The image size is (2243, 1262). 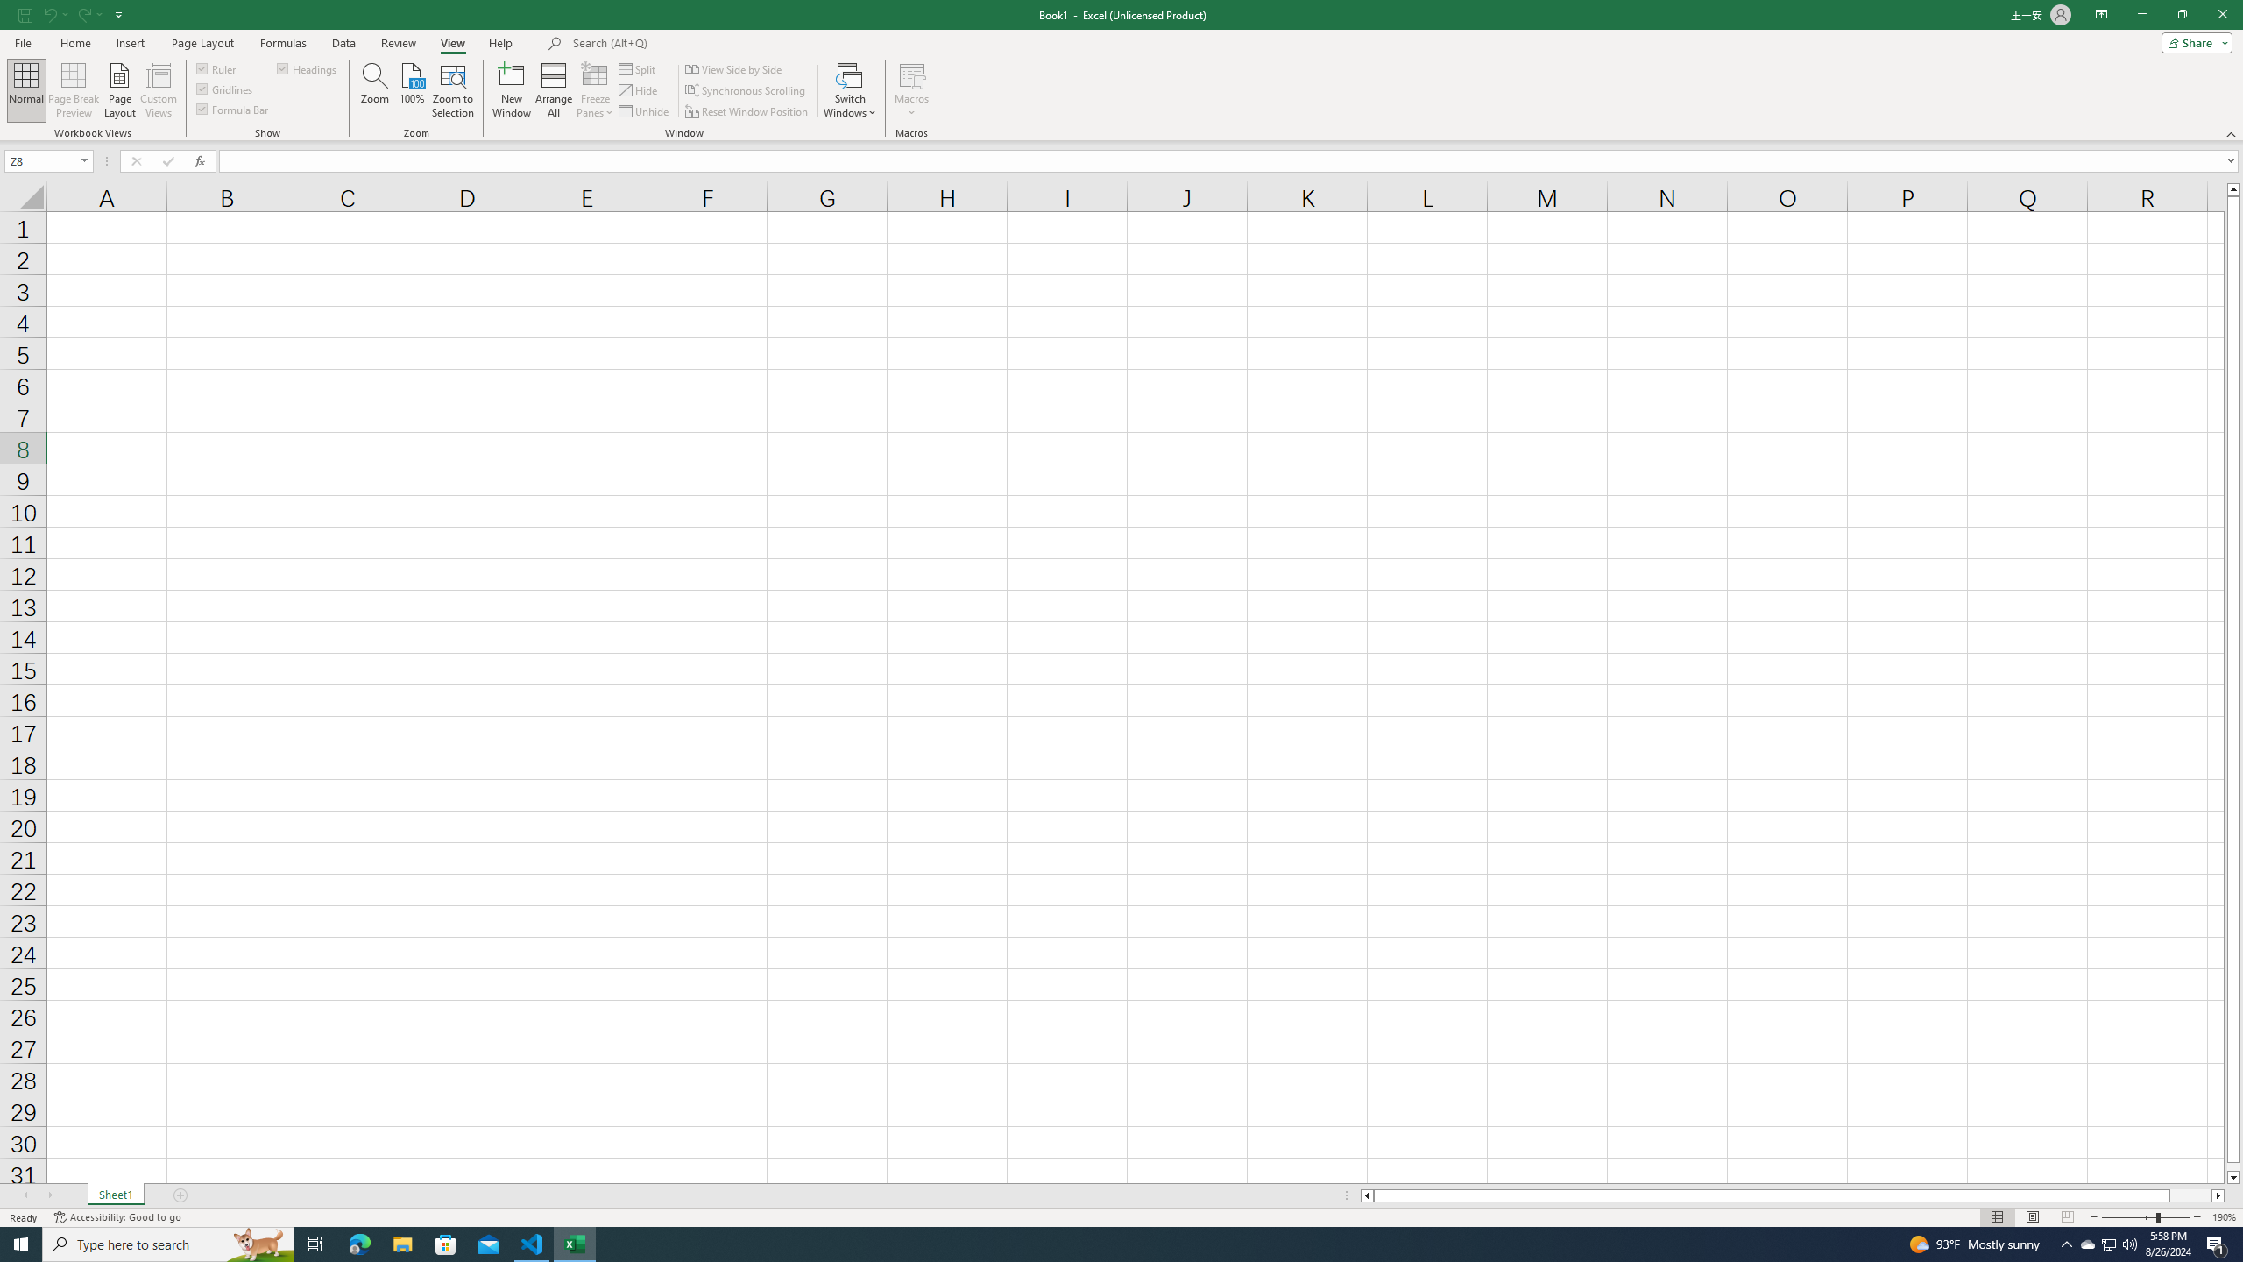 What do you see at coordinates (410, 90) in the screenshot?
I see `'100%'` at bounding box center [410, 90].